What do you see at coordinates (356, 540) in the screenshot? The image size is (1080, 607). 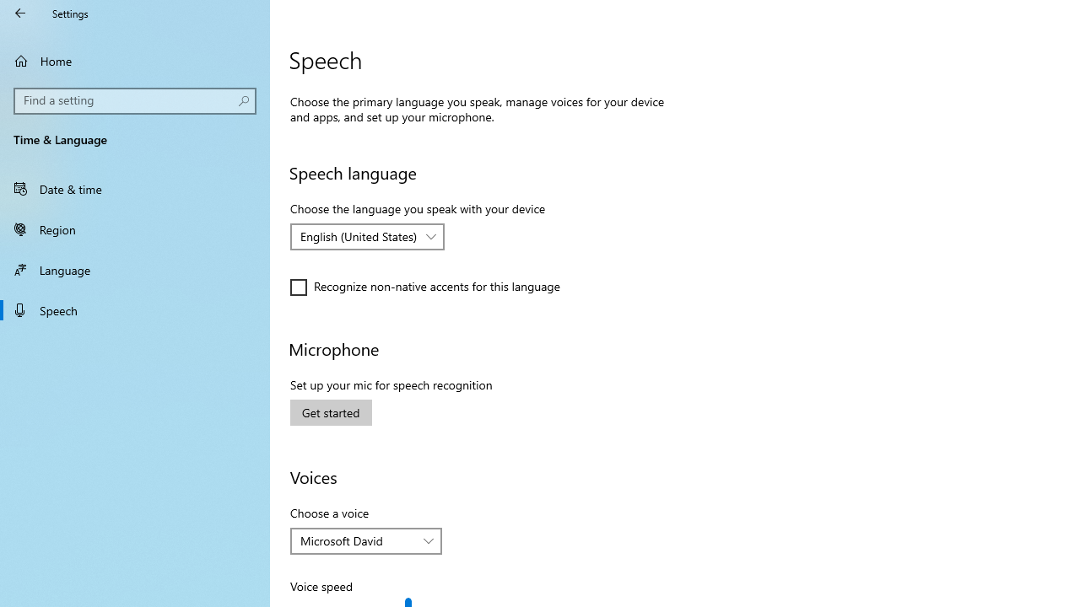 I see `'Microsoft David'` at bounding box center [356, 540].